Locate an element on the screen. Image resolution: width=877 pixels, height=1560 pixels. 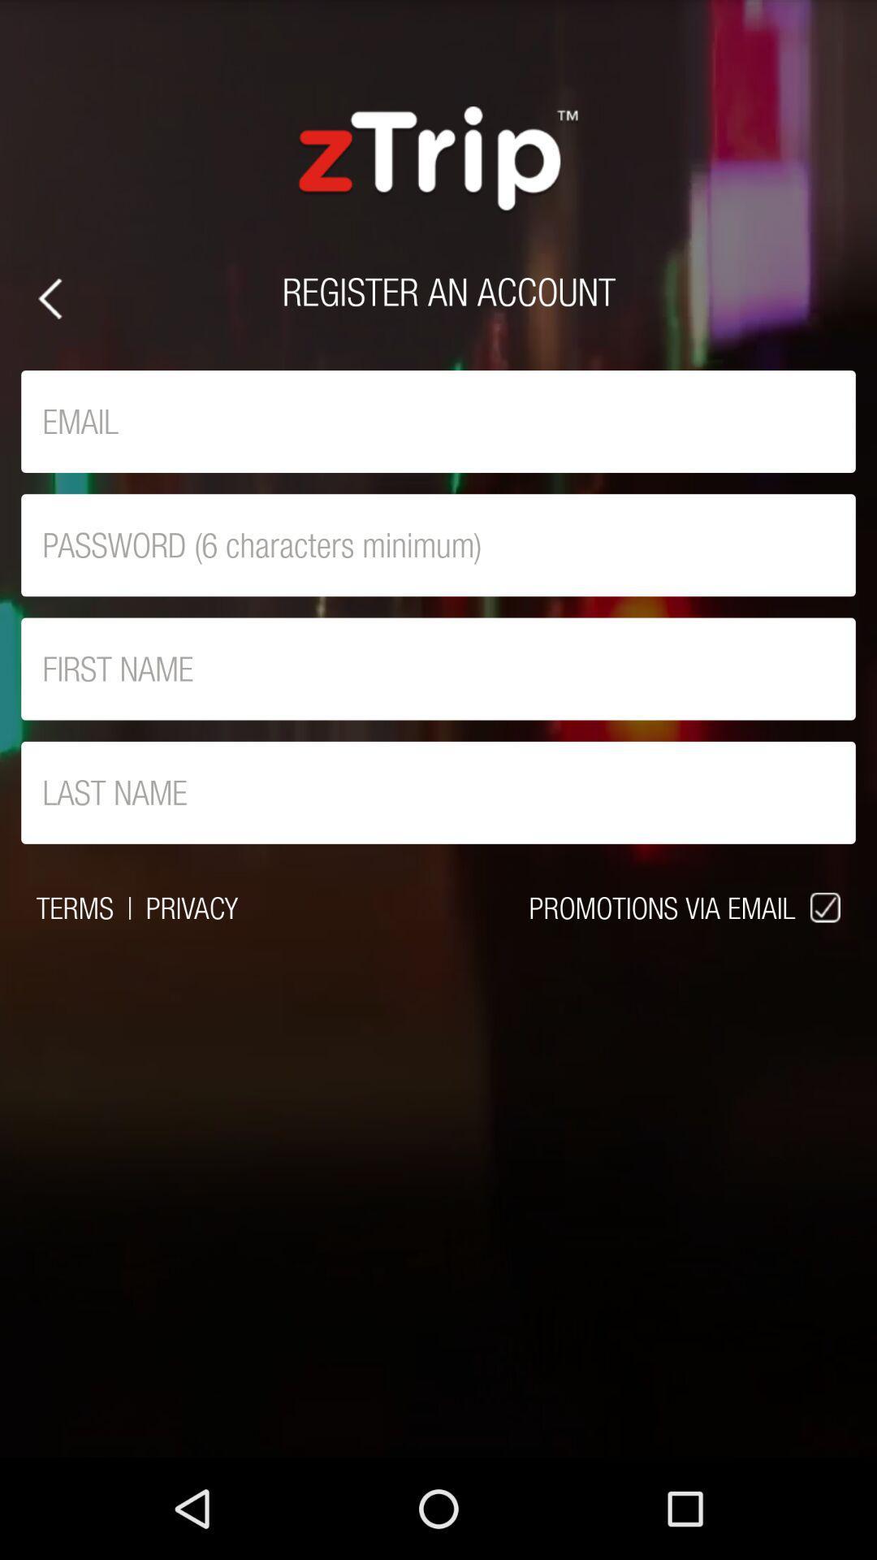
the item to the right of | icon is located at coordinates (191, 907).